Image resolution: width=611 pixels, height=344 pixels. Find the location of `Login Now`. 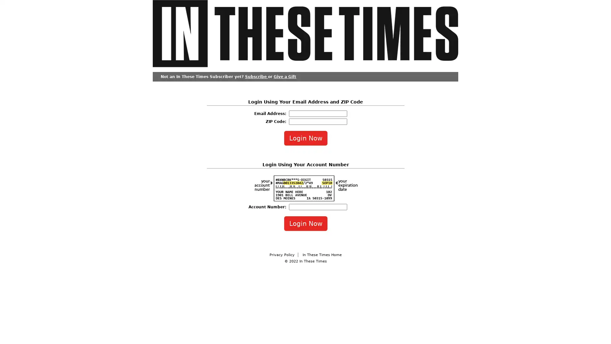

Login Now is located at coordinates (305, 138).